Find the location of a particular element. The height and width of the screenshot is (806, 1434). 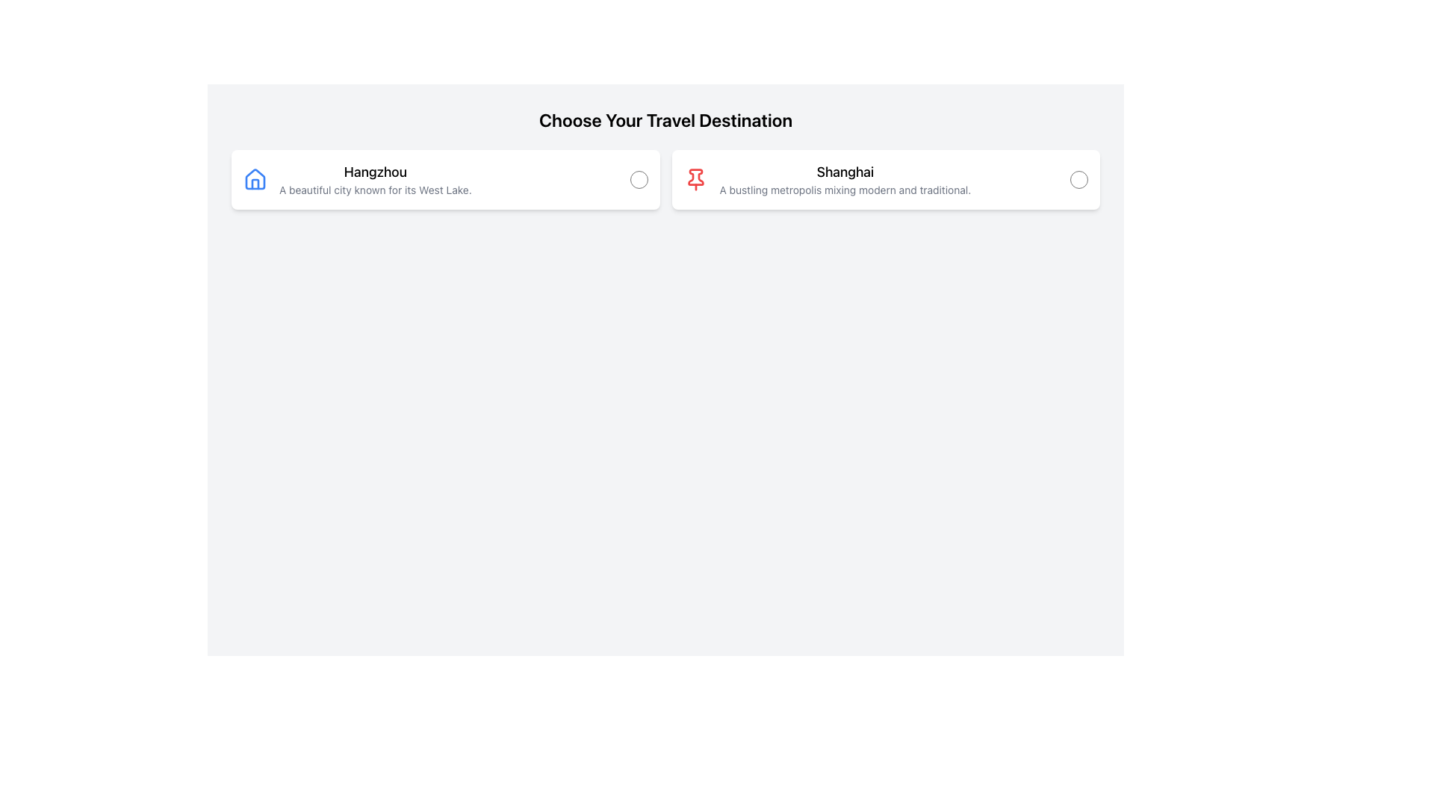

the red pin icon located to the left of the 'Shanghai' text, which is positioned on the right segment of the interactive area is located at coordinates (695, 178).